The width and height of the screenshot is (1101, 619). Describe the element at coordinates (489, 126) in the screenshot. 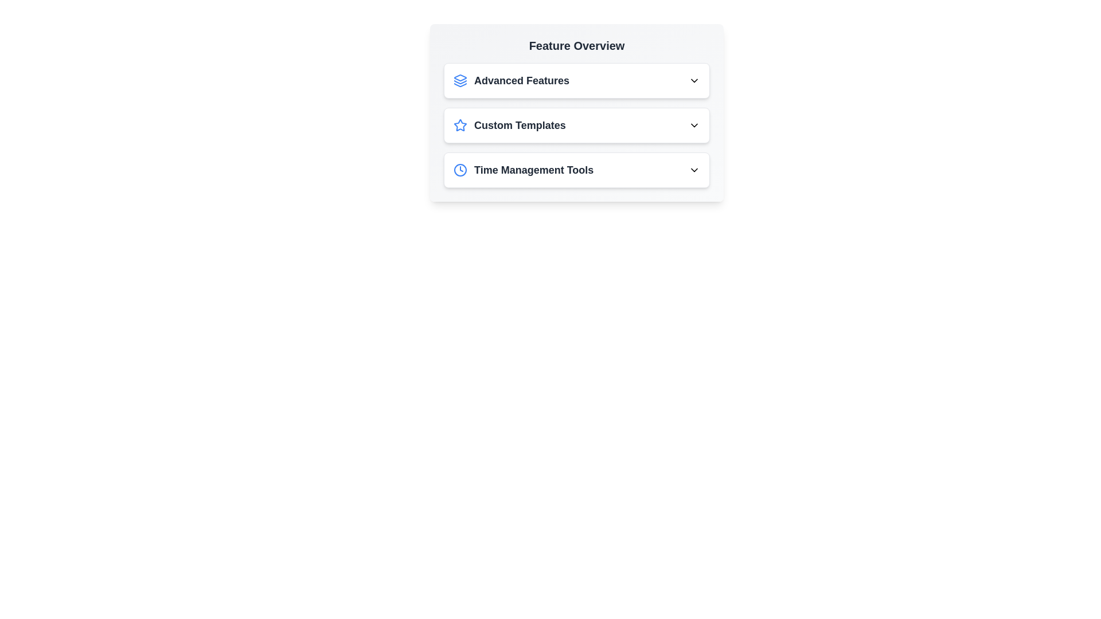

I see `the star corresponding to 3 to examine its rating` at that location.